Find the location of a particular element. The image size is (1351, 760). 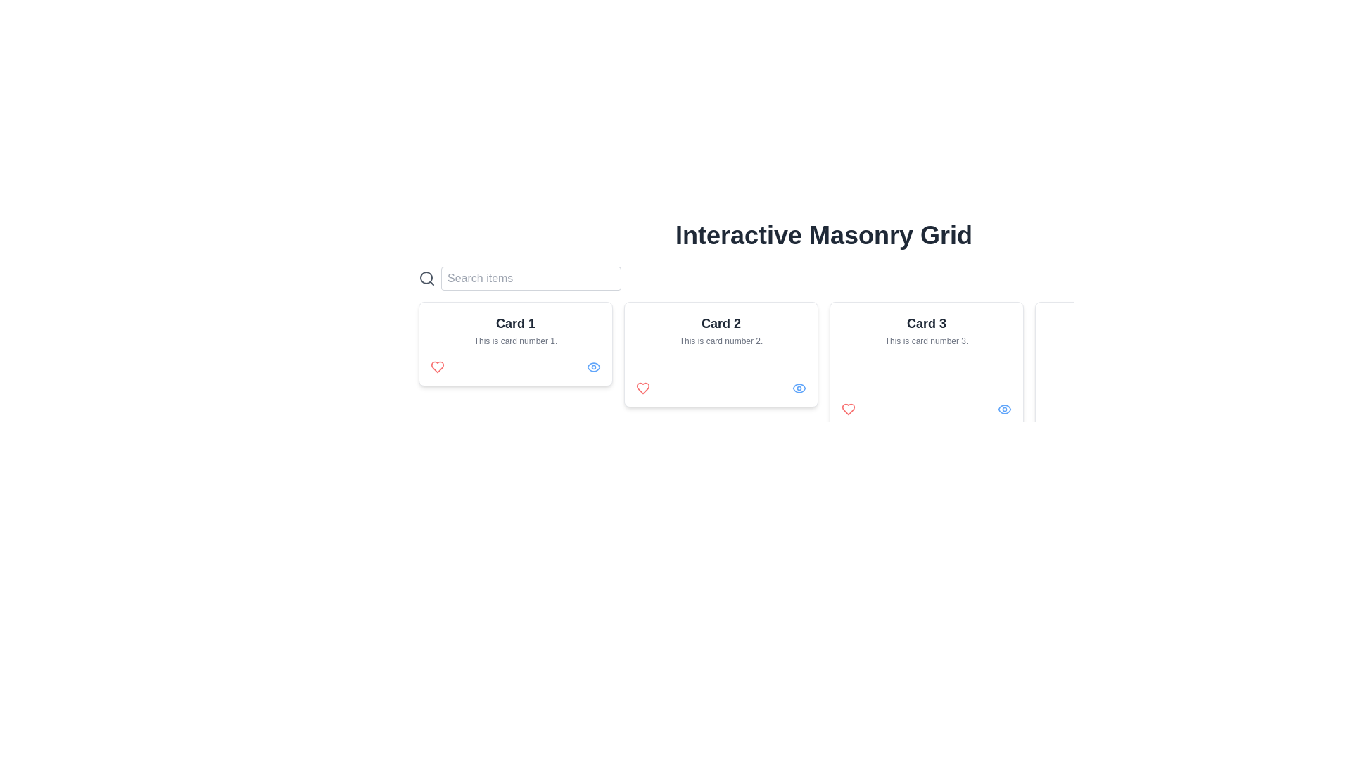

text content of the informational card labeled 'Card 2', which is positioned in the center of a card-style layout between 'Card 1' and 'Card 3' is located at coordinates (721, 330).